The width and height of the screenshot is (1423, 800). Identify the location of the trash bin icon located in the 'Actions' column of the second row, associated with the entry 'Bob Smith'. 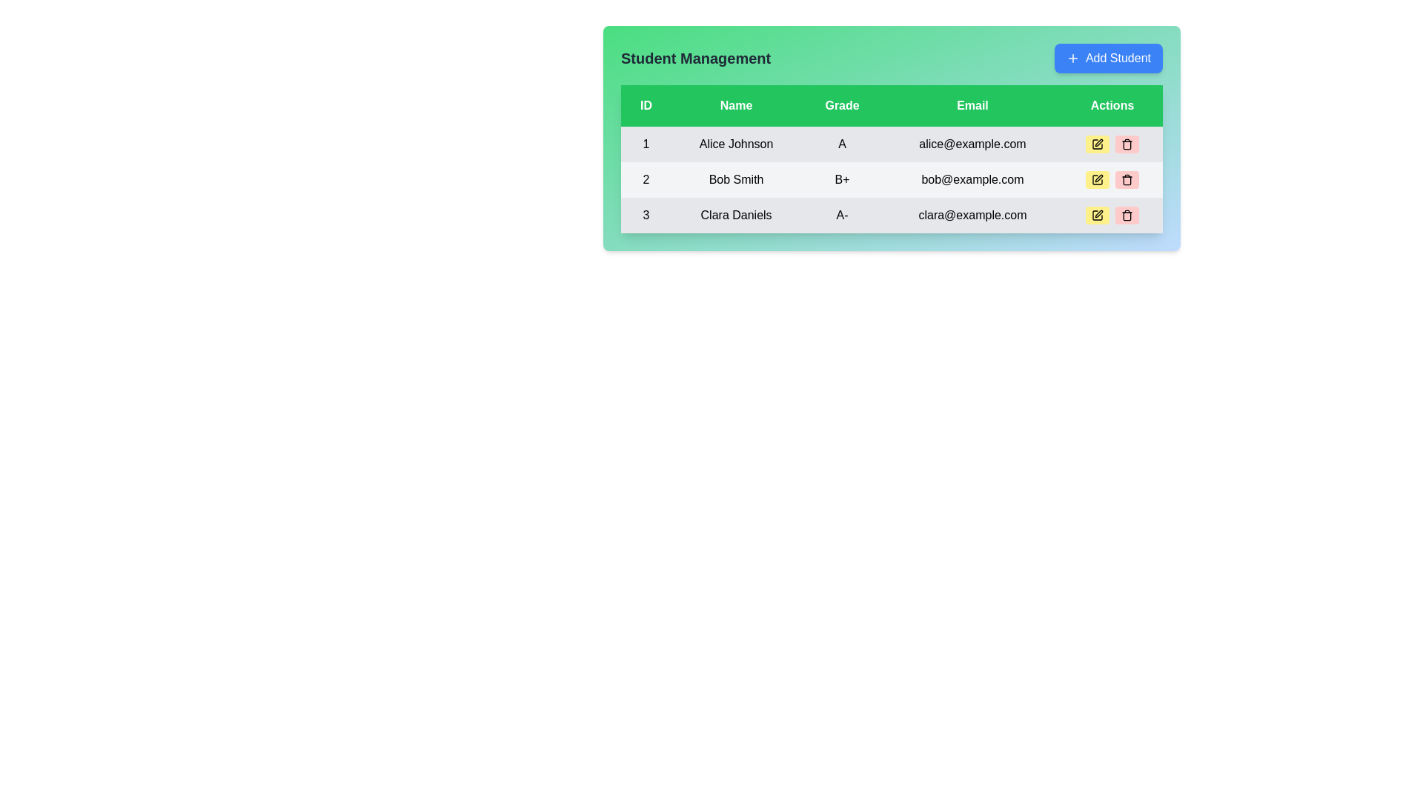
(1127, 179).